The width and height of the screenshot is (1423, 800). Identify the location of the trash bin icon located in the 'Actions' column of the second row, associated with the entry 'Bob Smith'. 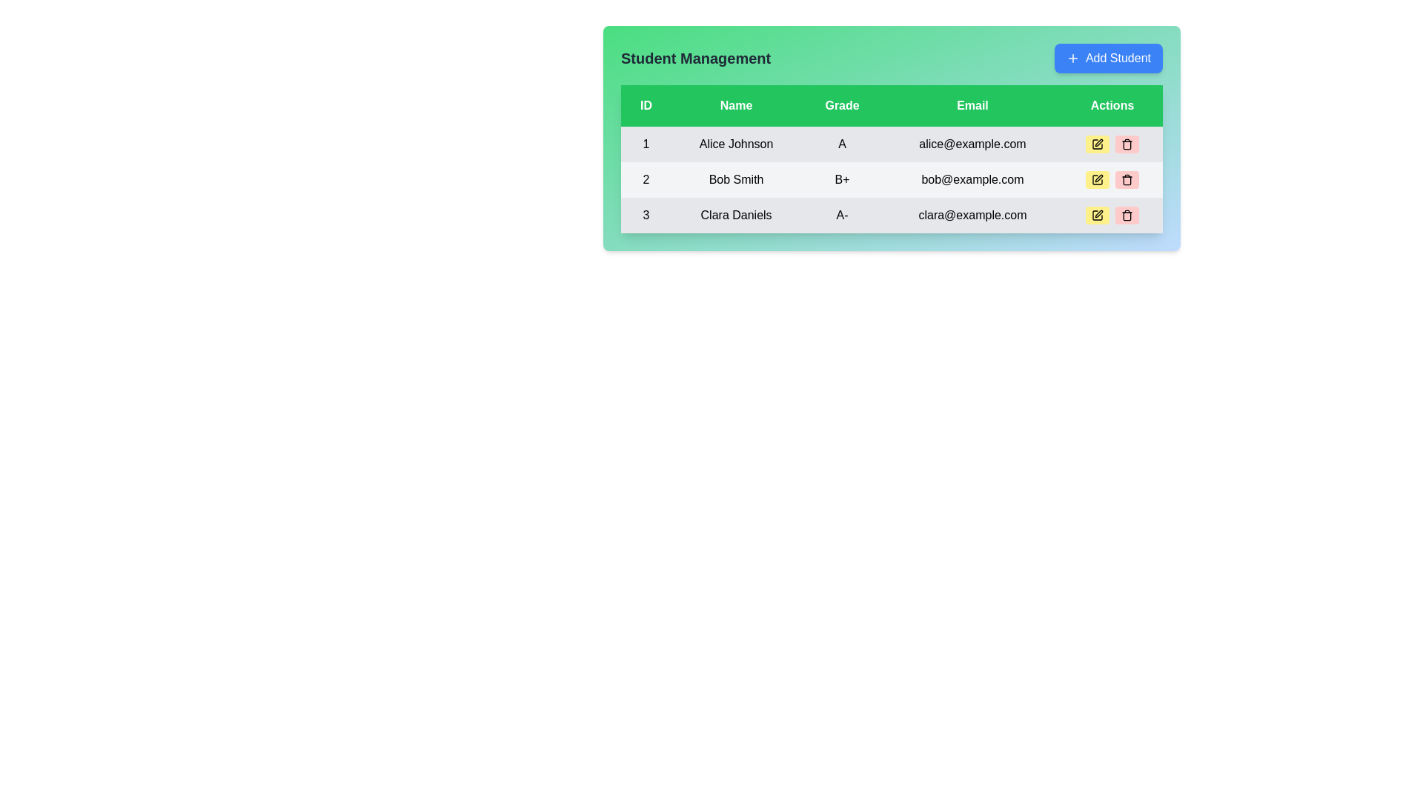
(1127, 179).